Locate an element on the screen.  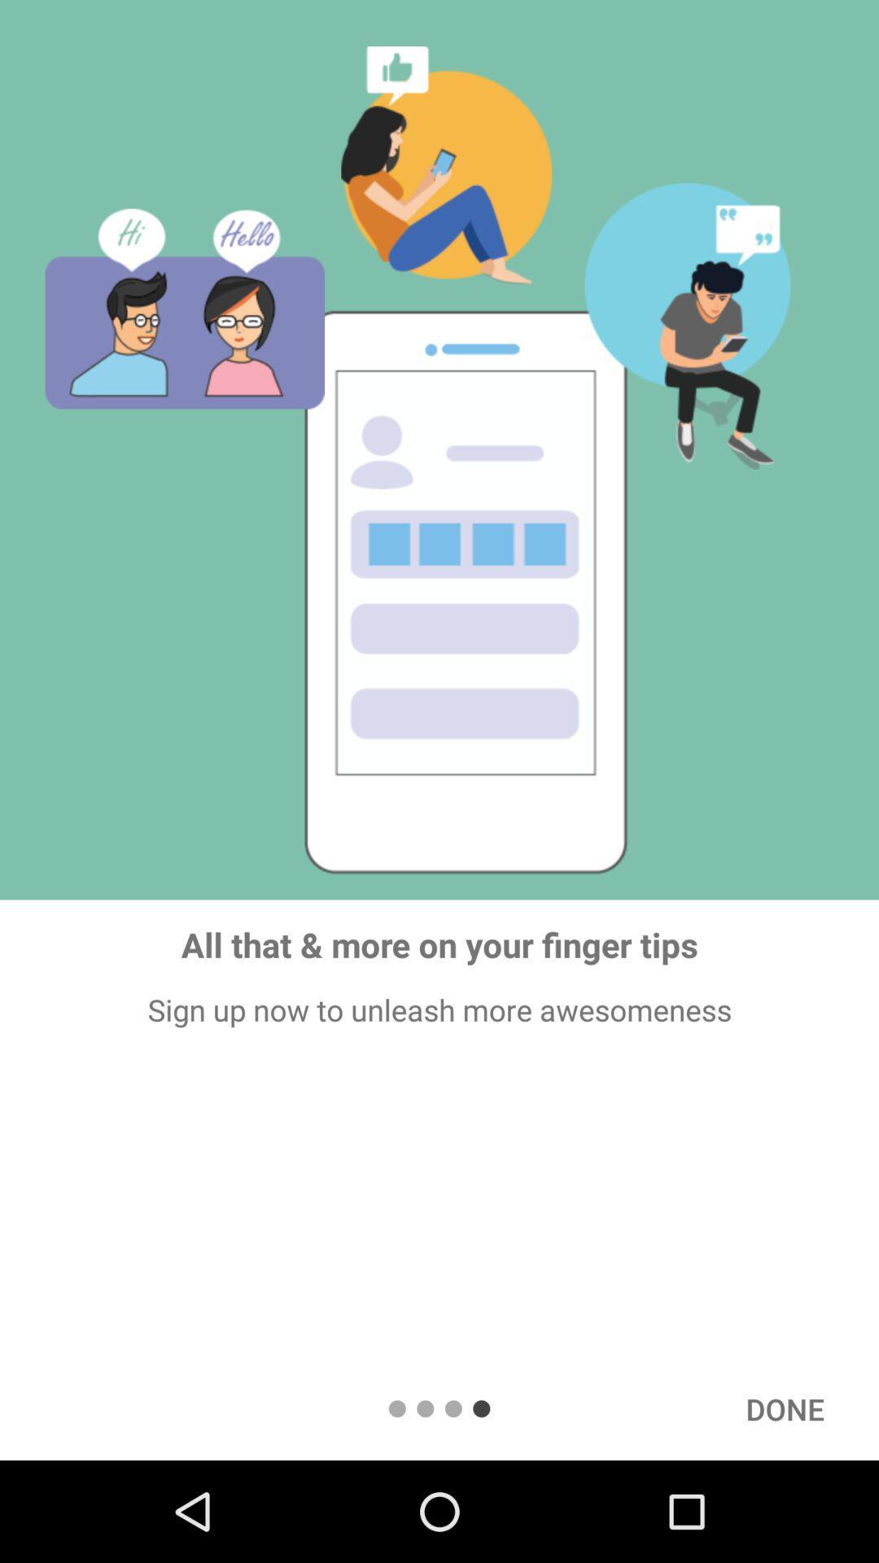
icon at the bottom right corner is located at coordinates (784, 1408).